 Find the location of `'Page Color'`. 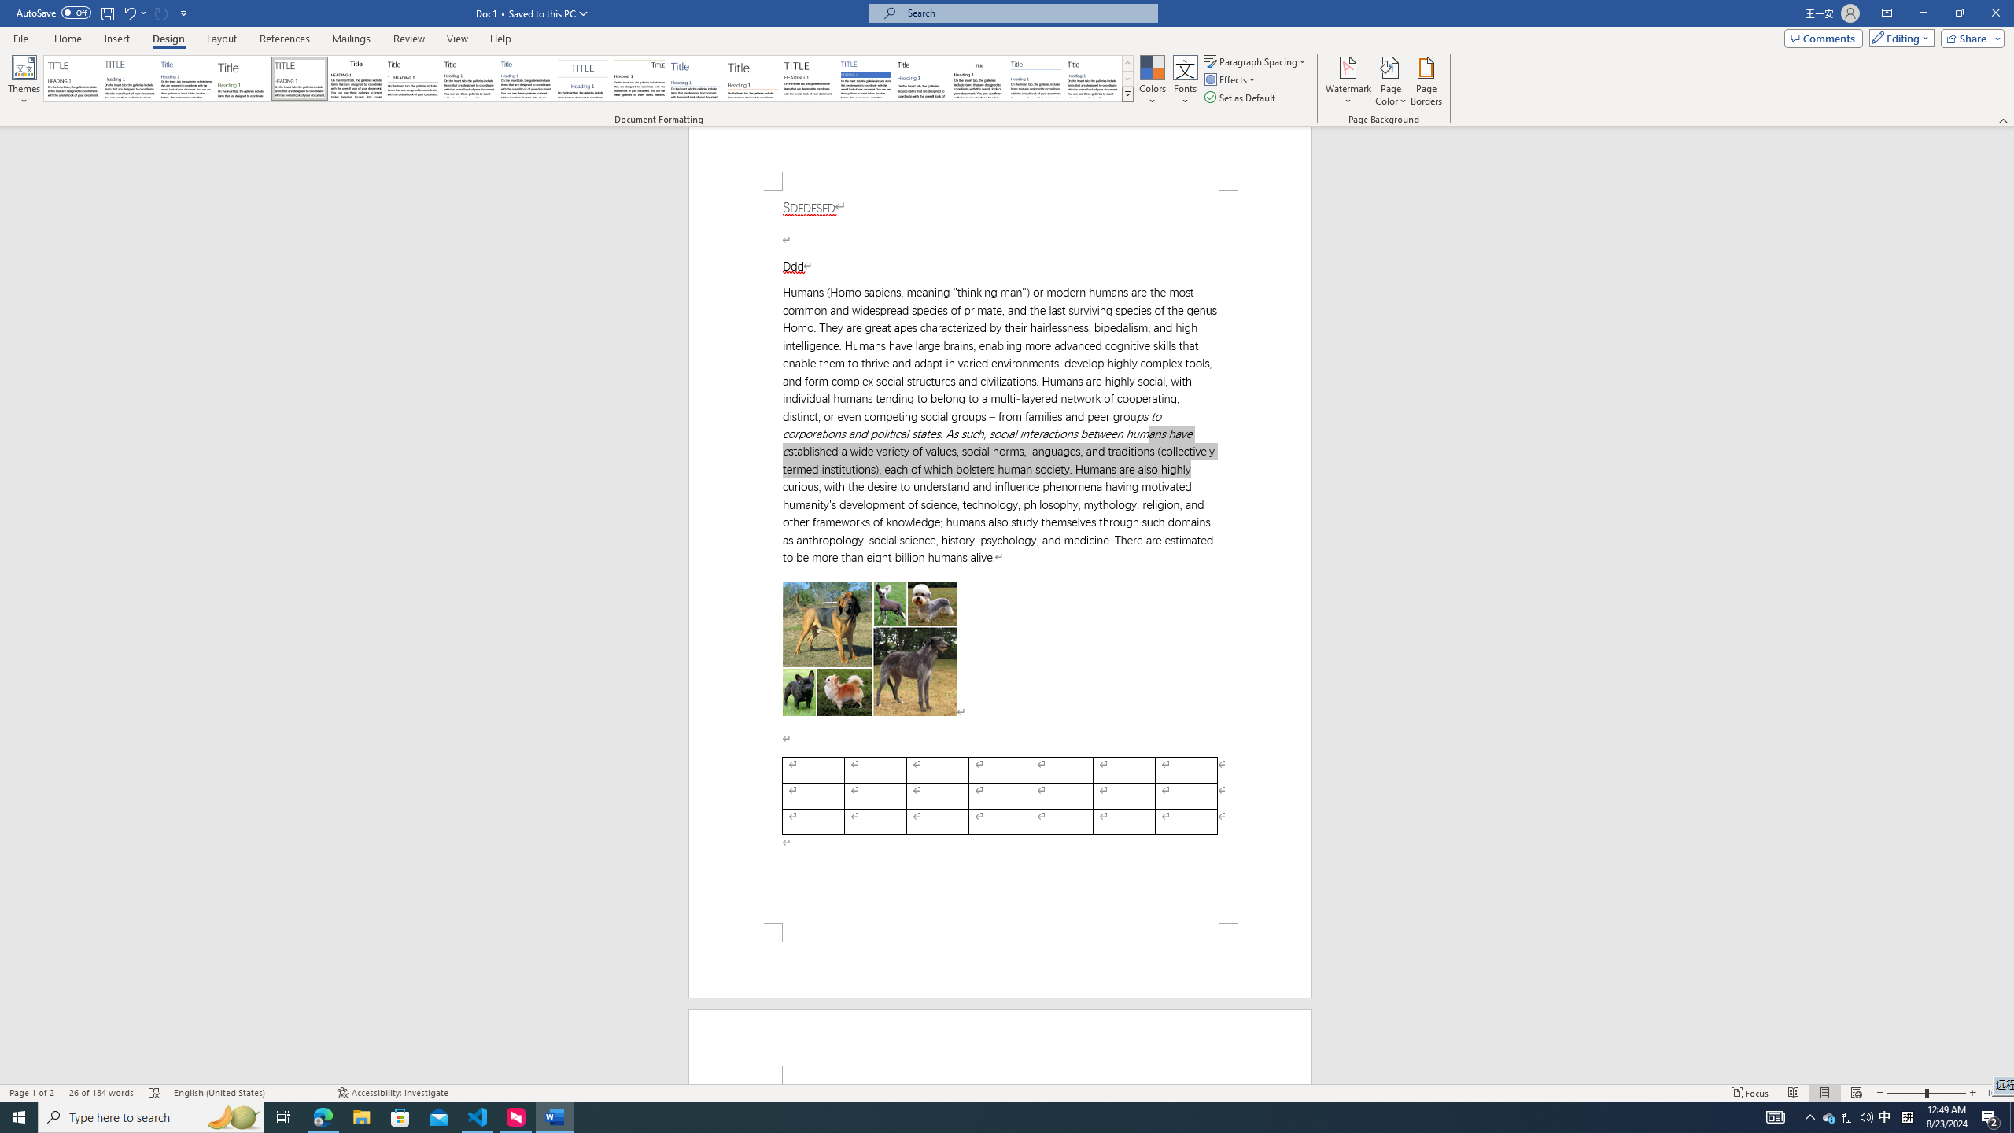

'Page Color' is located at coordinates (1391, 81).